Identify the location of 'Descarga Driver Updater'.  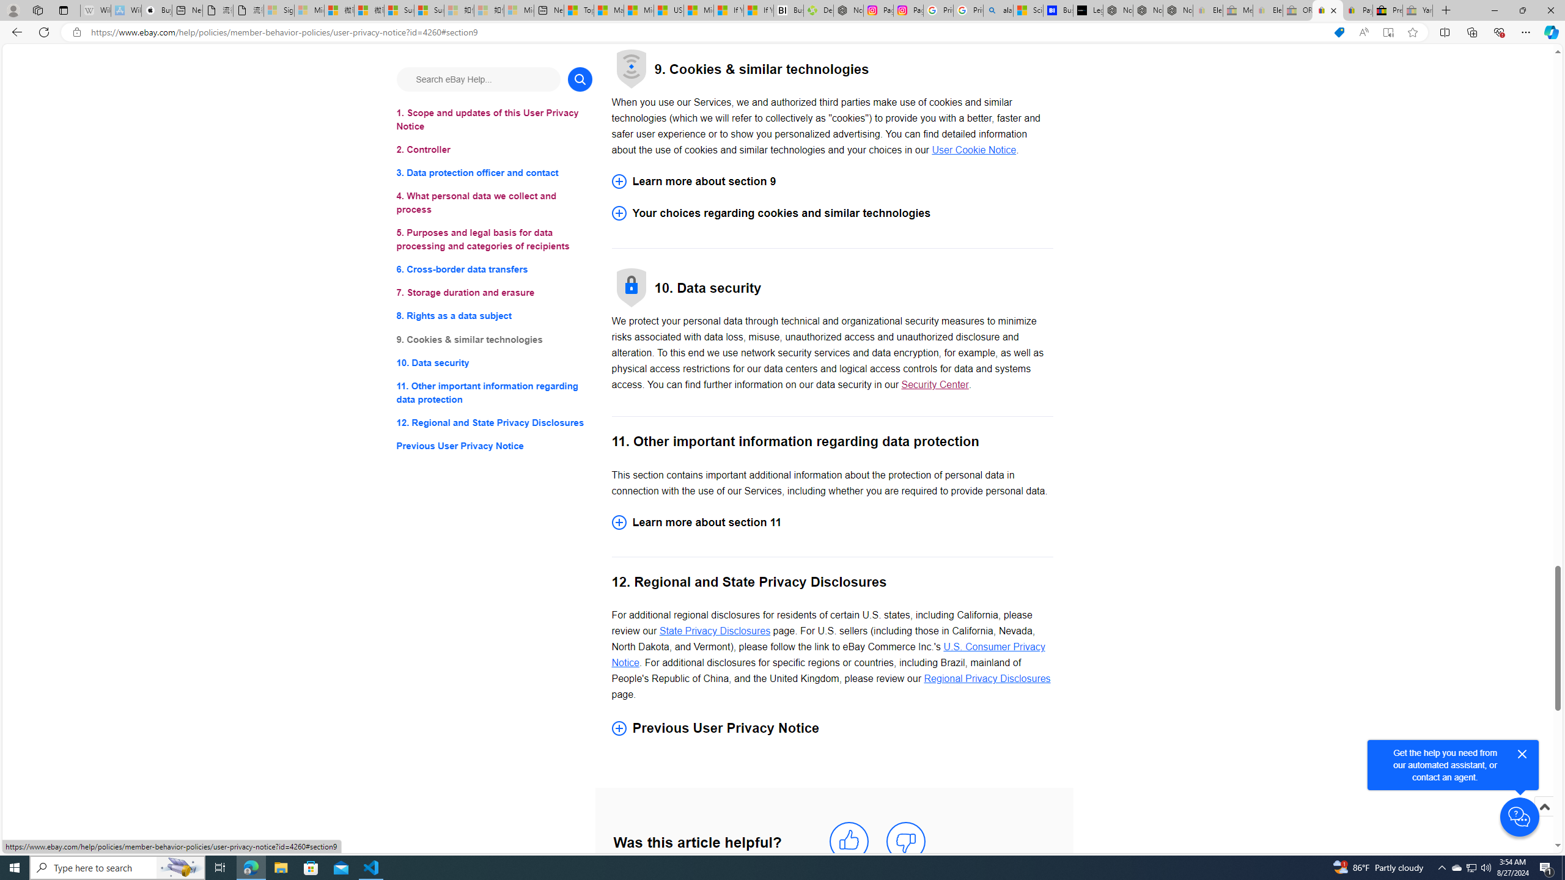
(817, 10).